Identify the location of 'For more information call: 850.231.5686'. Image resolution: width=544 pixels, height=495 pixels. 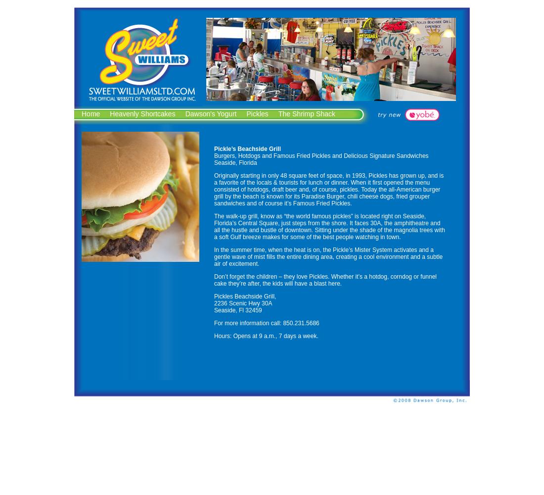
(267, 323).